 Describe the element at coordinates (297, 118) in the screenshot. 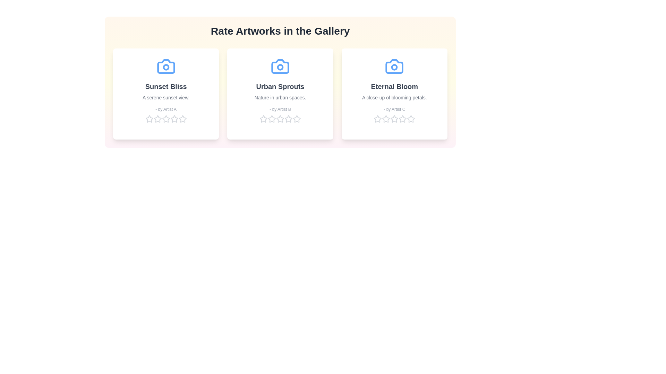

I see `the star corresponding to 5 for the artwork 'Urban Sprouts' to set its rating` at that location.